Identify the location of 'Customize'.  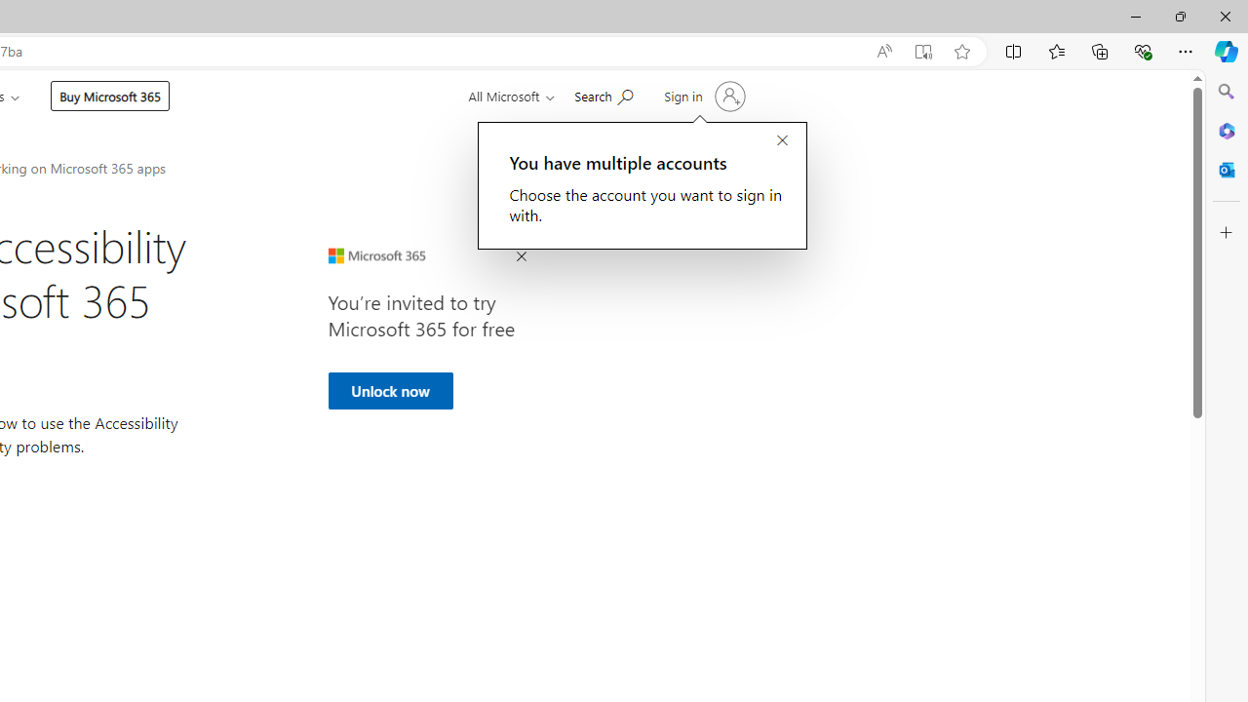
(1226, 232).